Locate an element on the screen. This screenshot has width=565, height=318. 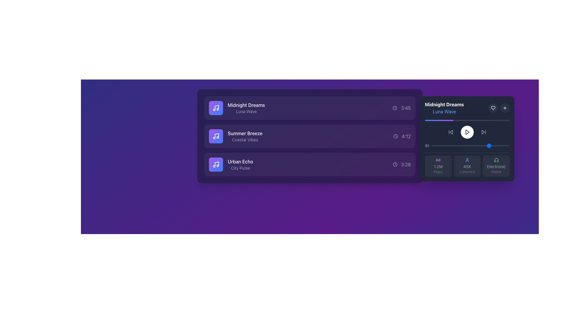
the text label indicating the duration of the track 'Midnight Dreams', which is located in the third column next to the headline 'Midnight Dreams' and the subtitle 'Luna Wave' is located at coordinates (401, 108).